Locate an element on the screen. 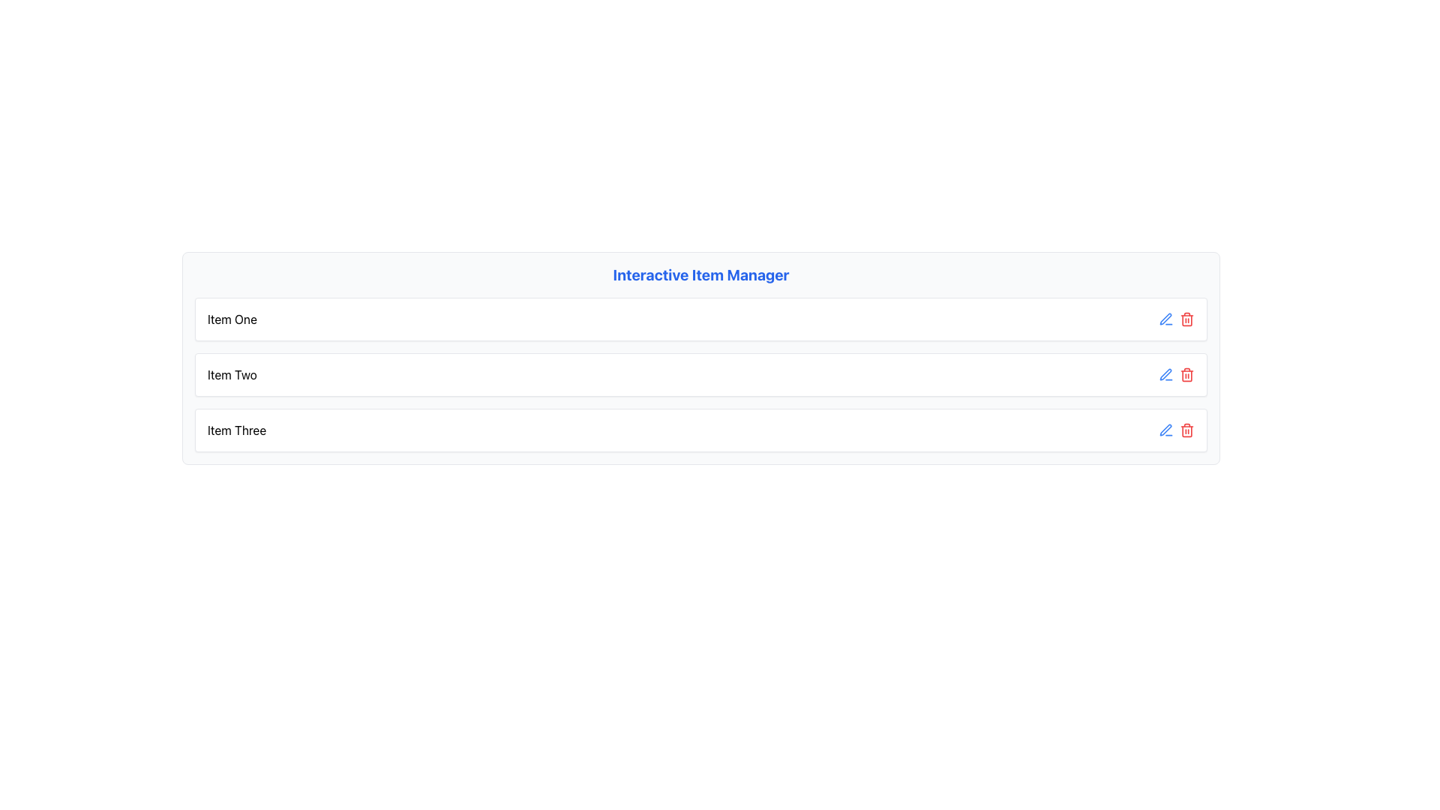 The width and height of the screenshot is (1440, 810). the text label displaying 'Item One' is located at coordinates (231, 318).